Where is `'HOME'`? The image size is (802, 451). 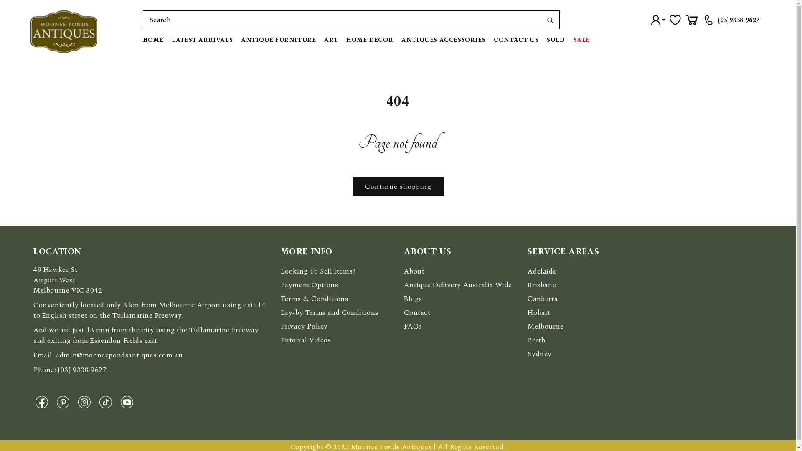 'HOME' is located at coordinates (142, 40).